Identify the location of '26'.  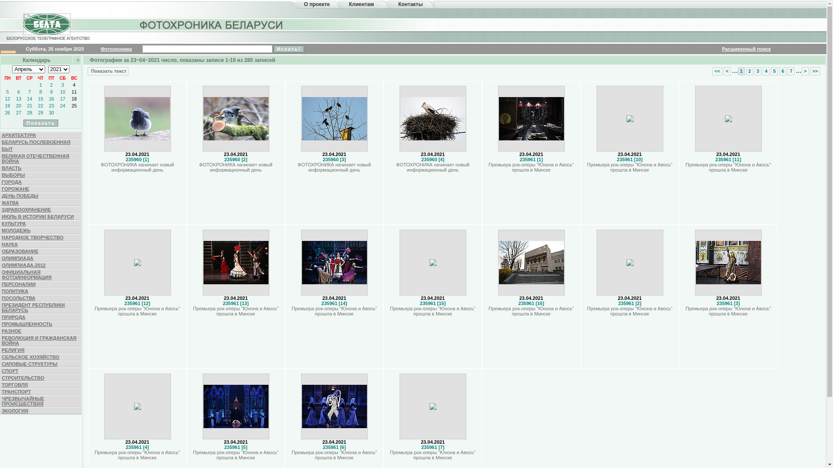
(7, 112).